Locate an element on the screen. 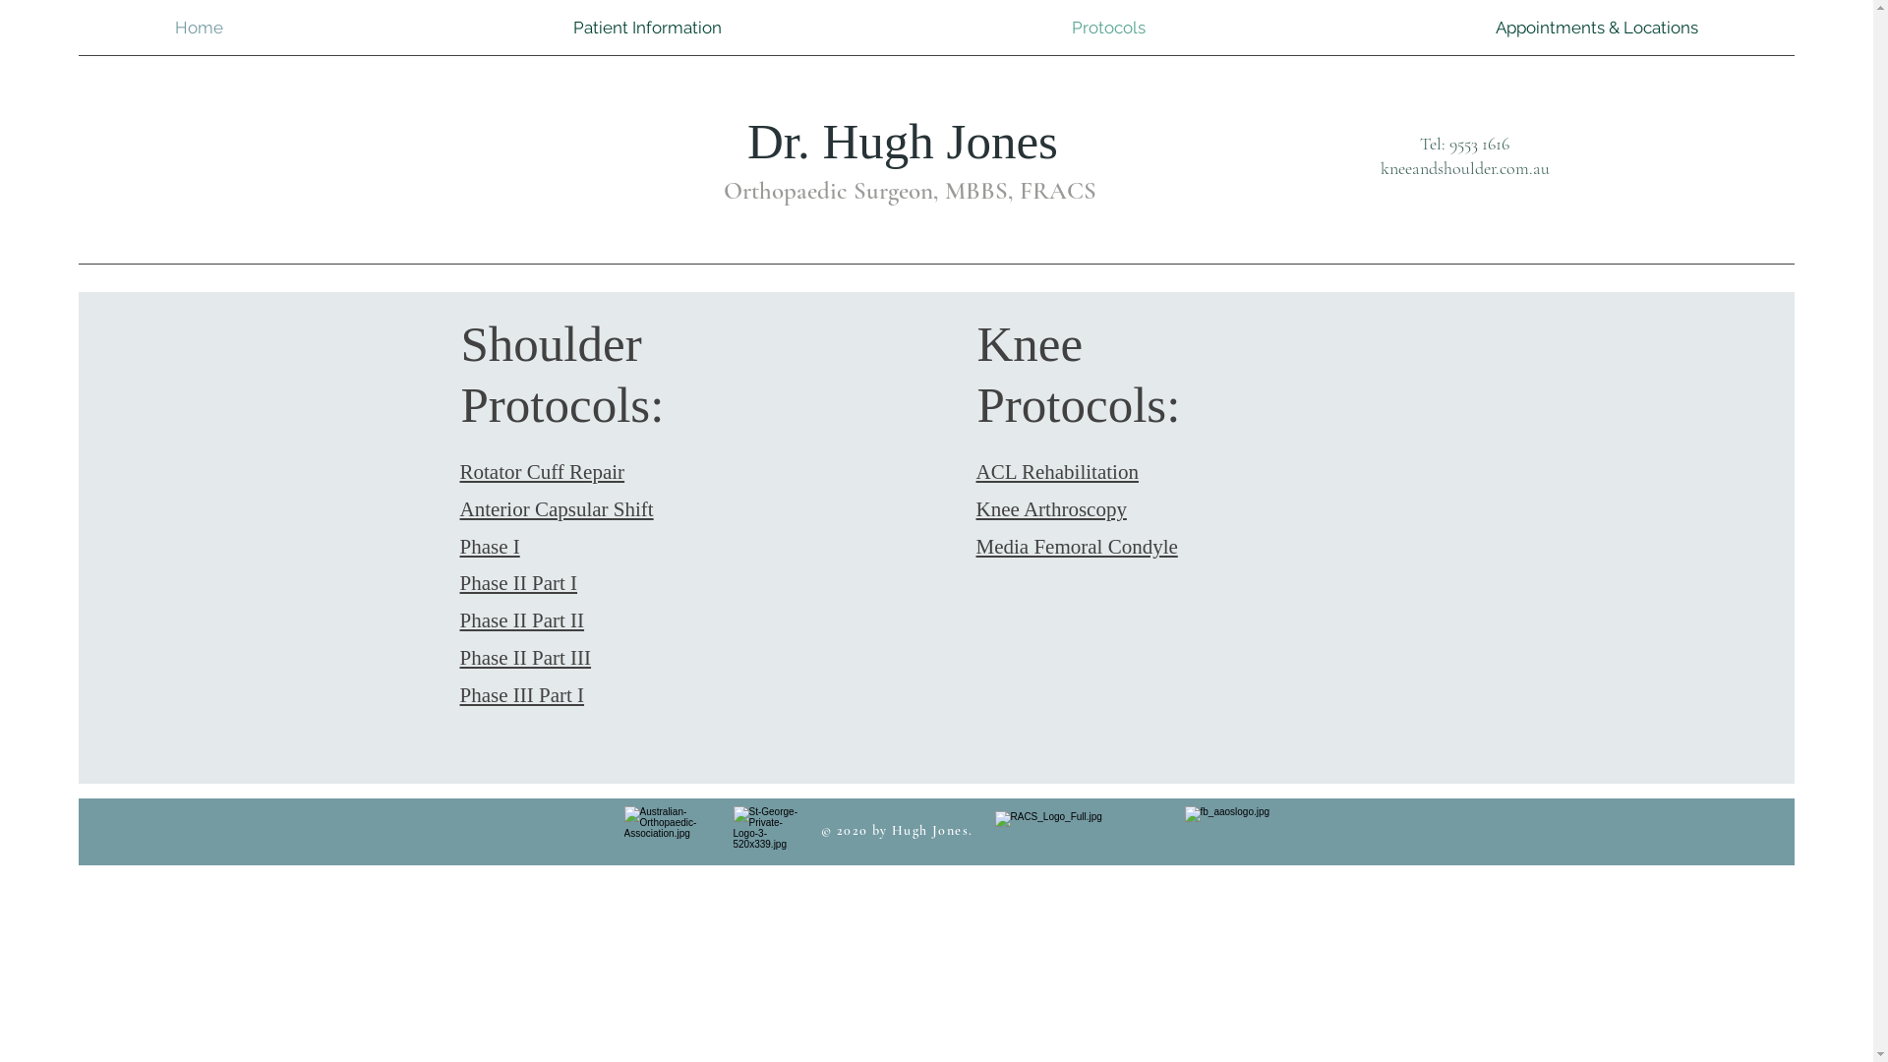  'Phase II Part II' is located at coordinates (522, 620).